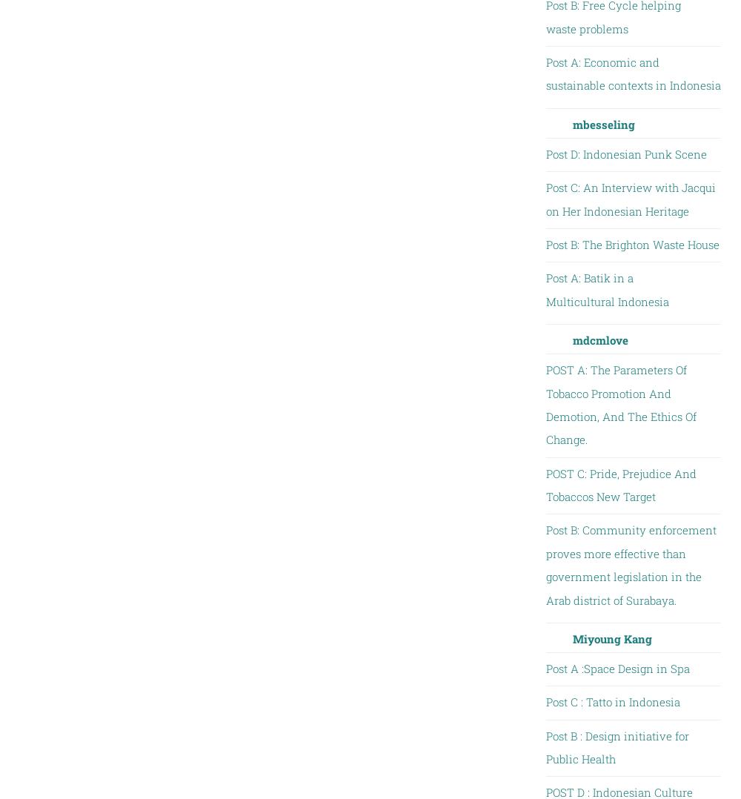 Image resolution: width=741 pixels, height=799 pixels. I want to click on 'Post B : Design initiative for Public Health', so click(616, 746).